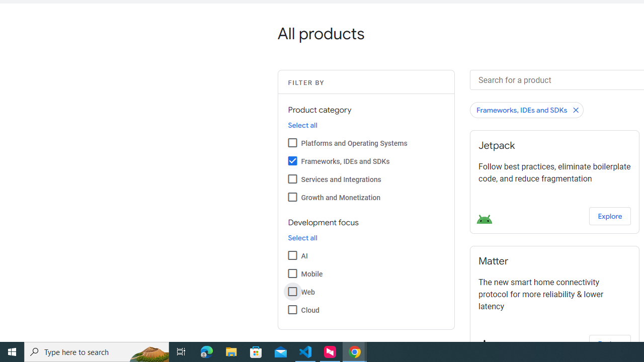 Image resolution: width=644 pixels, height=362 pixels. Describe the element at coordinates (292, 309) in the screenshot. I see `'Cloud'` at that location.